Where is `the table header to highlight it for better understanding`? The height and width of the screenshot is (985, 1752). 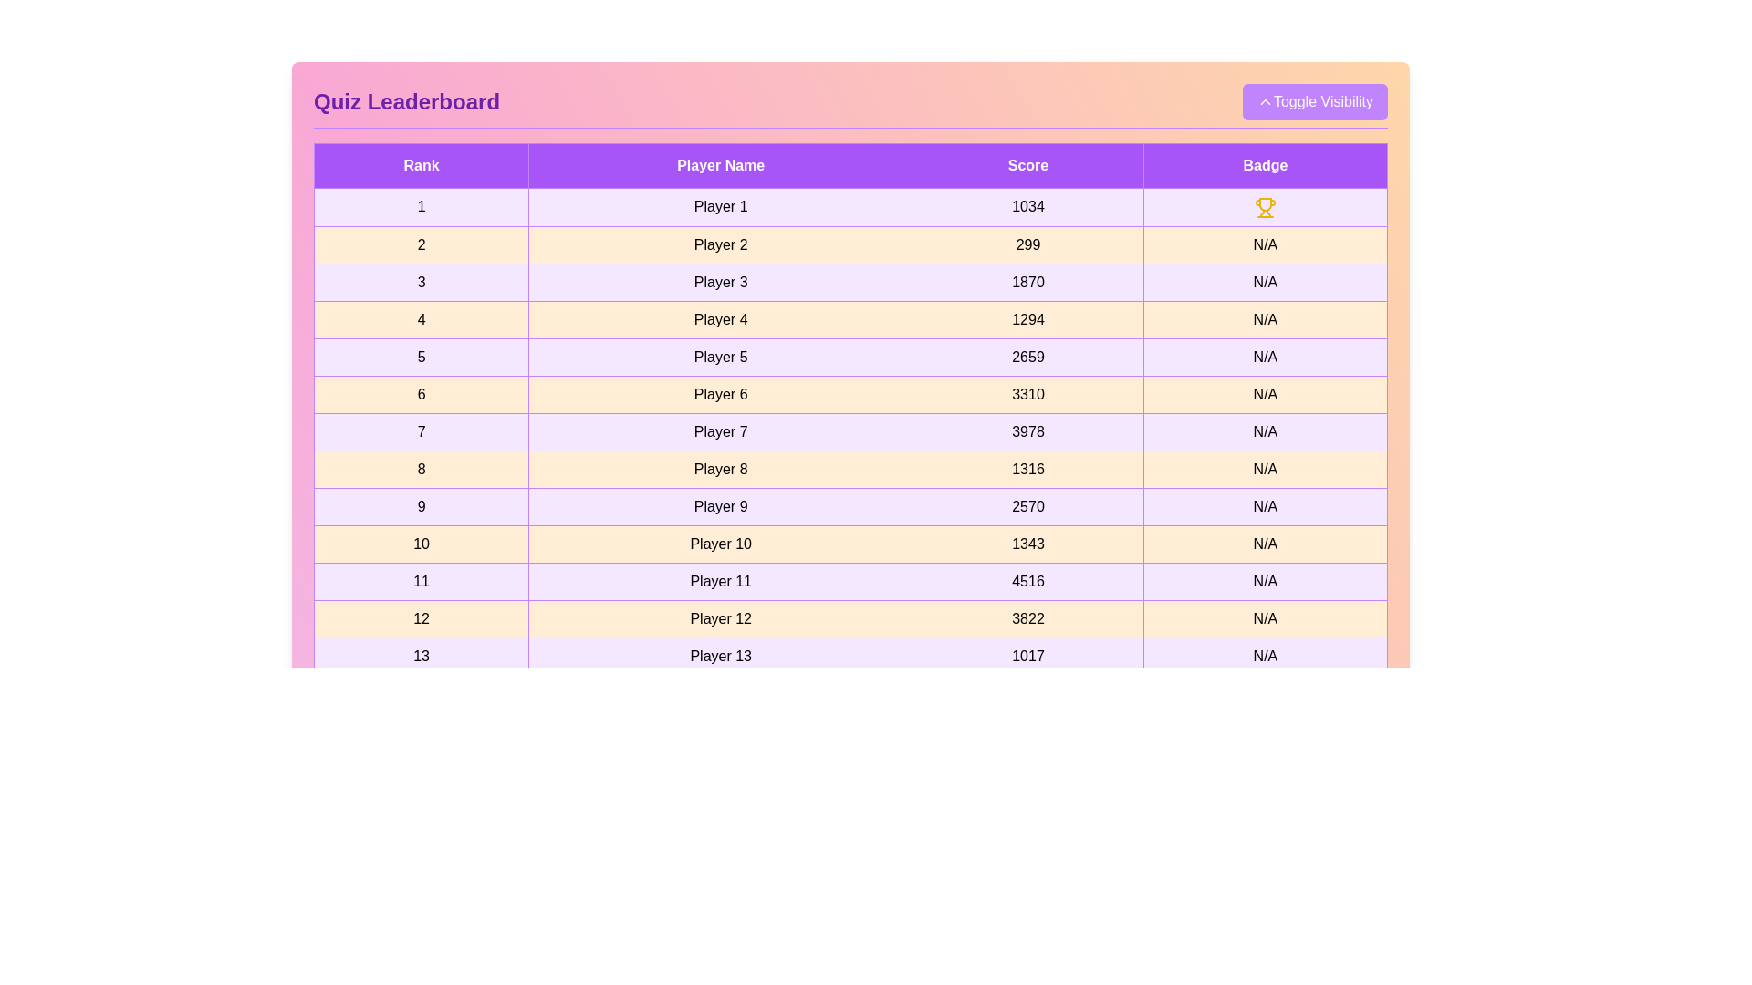 the table header to highlight it for better understanding is located at coordinates (850, 165).